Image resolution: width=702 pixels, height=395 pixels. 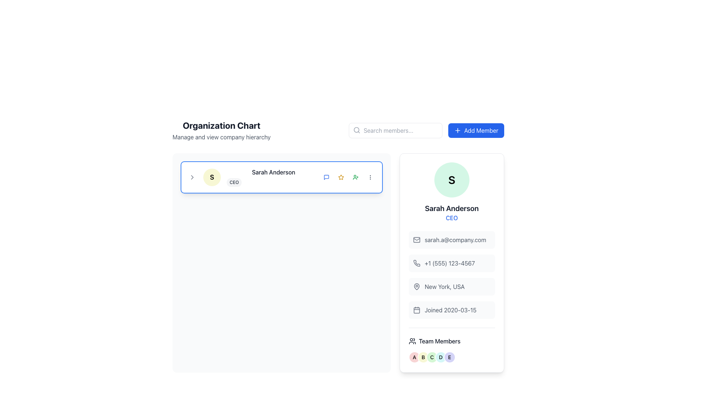 I want to click on the rightward-pointing arrow icon in the action icons grouping associated with 'Sarah Anderson', so click(x=192, y=177).